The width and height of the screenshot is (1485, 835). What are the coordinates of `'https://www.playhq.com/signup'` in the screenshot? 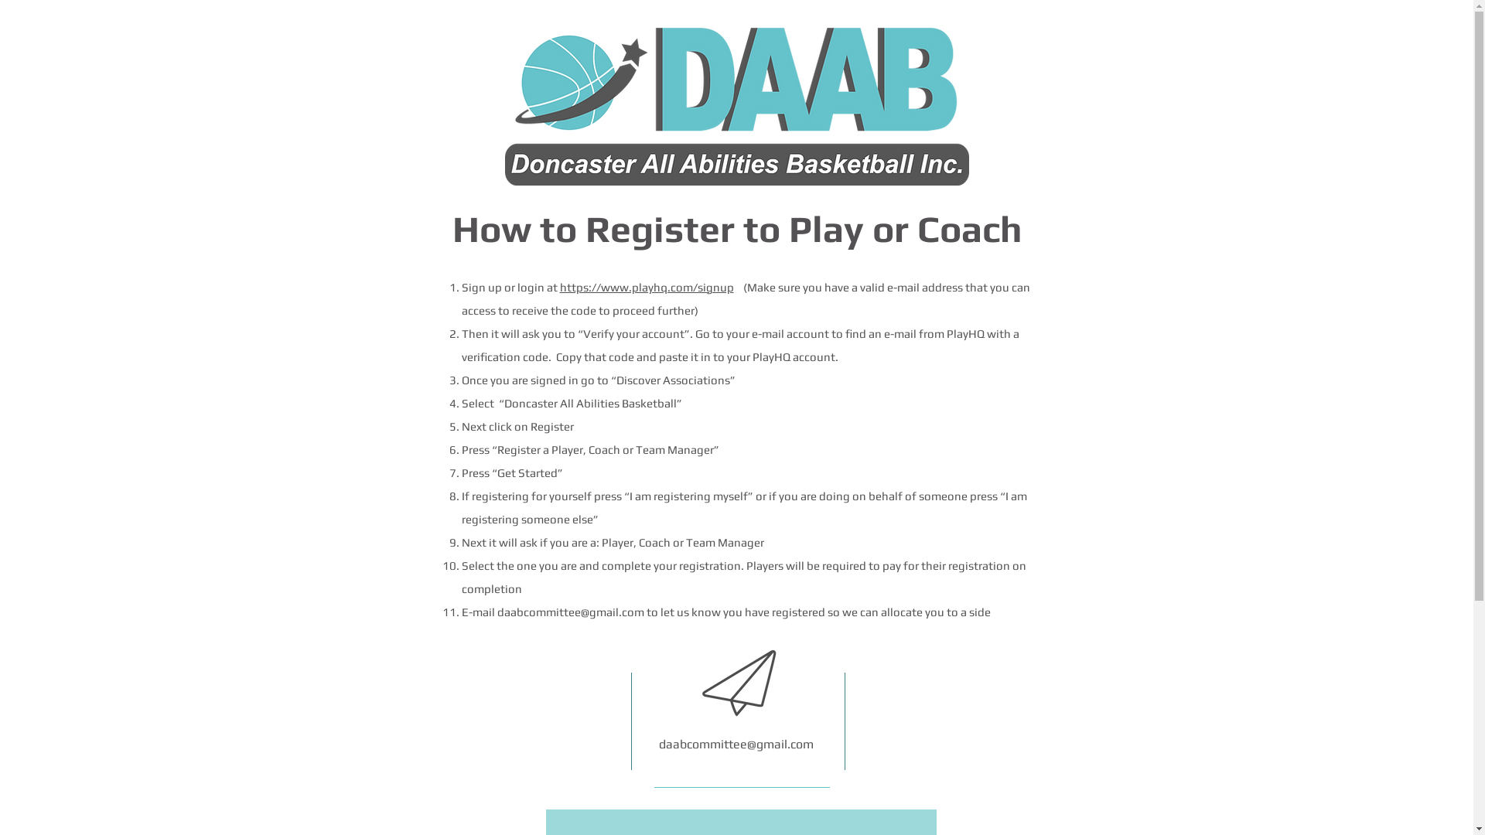 It's located at (647, 287).